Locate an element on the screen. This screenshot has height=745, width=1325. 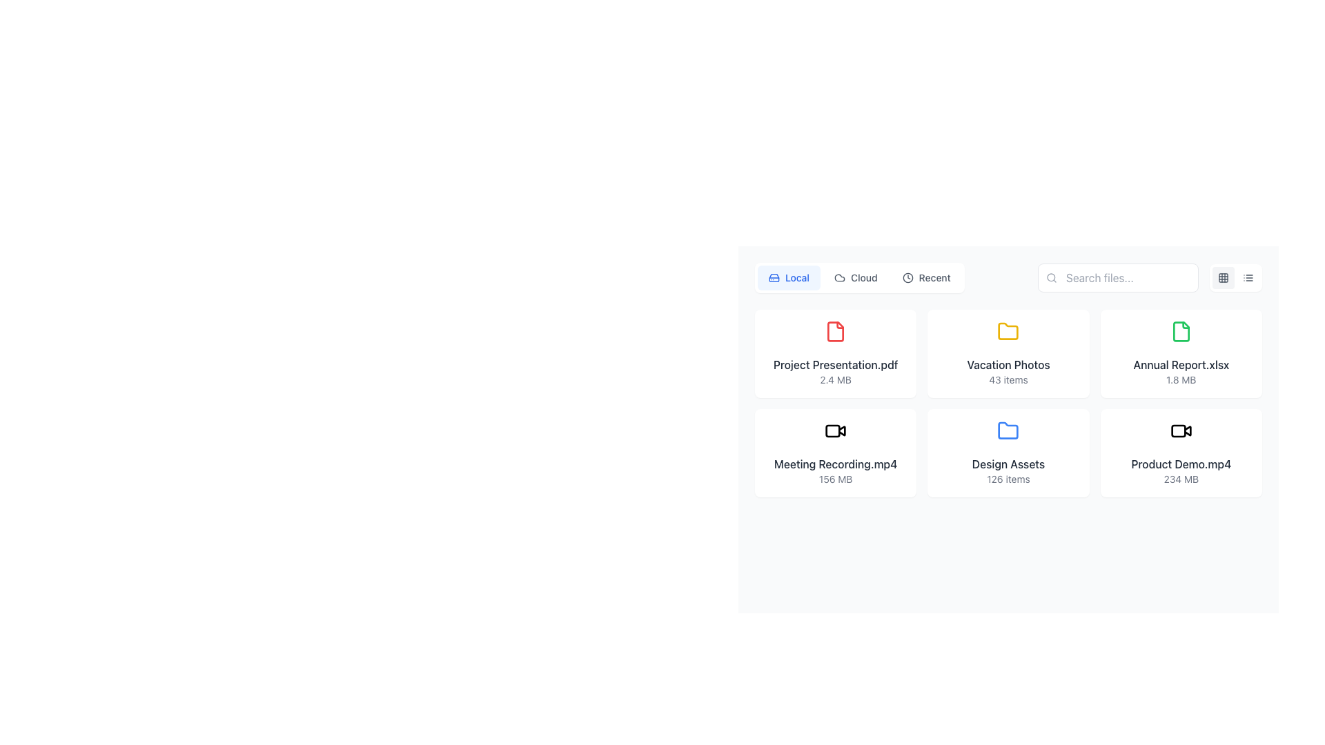
the text label displaying the filename 'Product Demo.mp4' is located at coordinates (1180, 464).